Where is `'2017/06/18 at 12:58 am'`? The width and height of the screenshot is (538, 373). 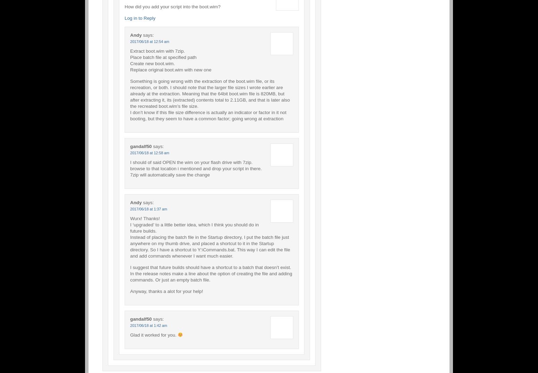
'2017/06/18 at 12:58 am' is located at coordinates (150, 152).